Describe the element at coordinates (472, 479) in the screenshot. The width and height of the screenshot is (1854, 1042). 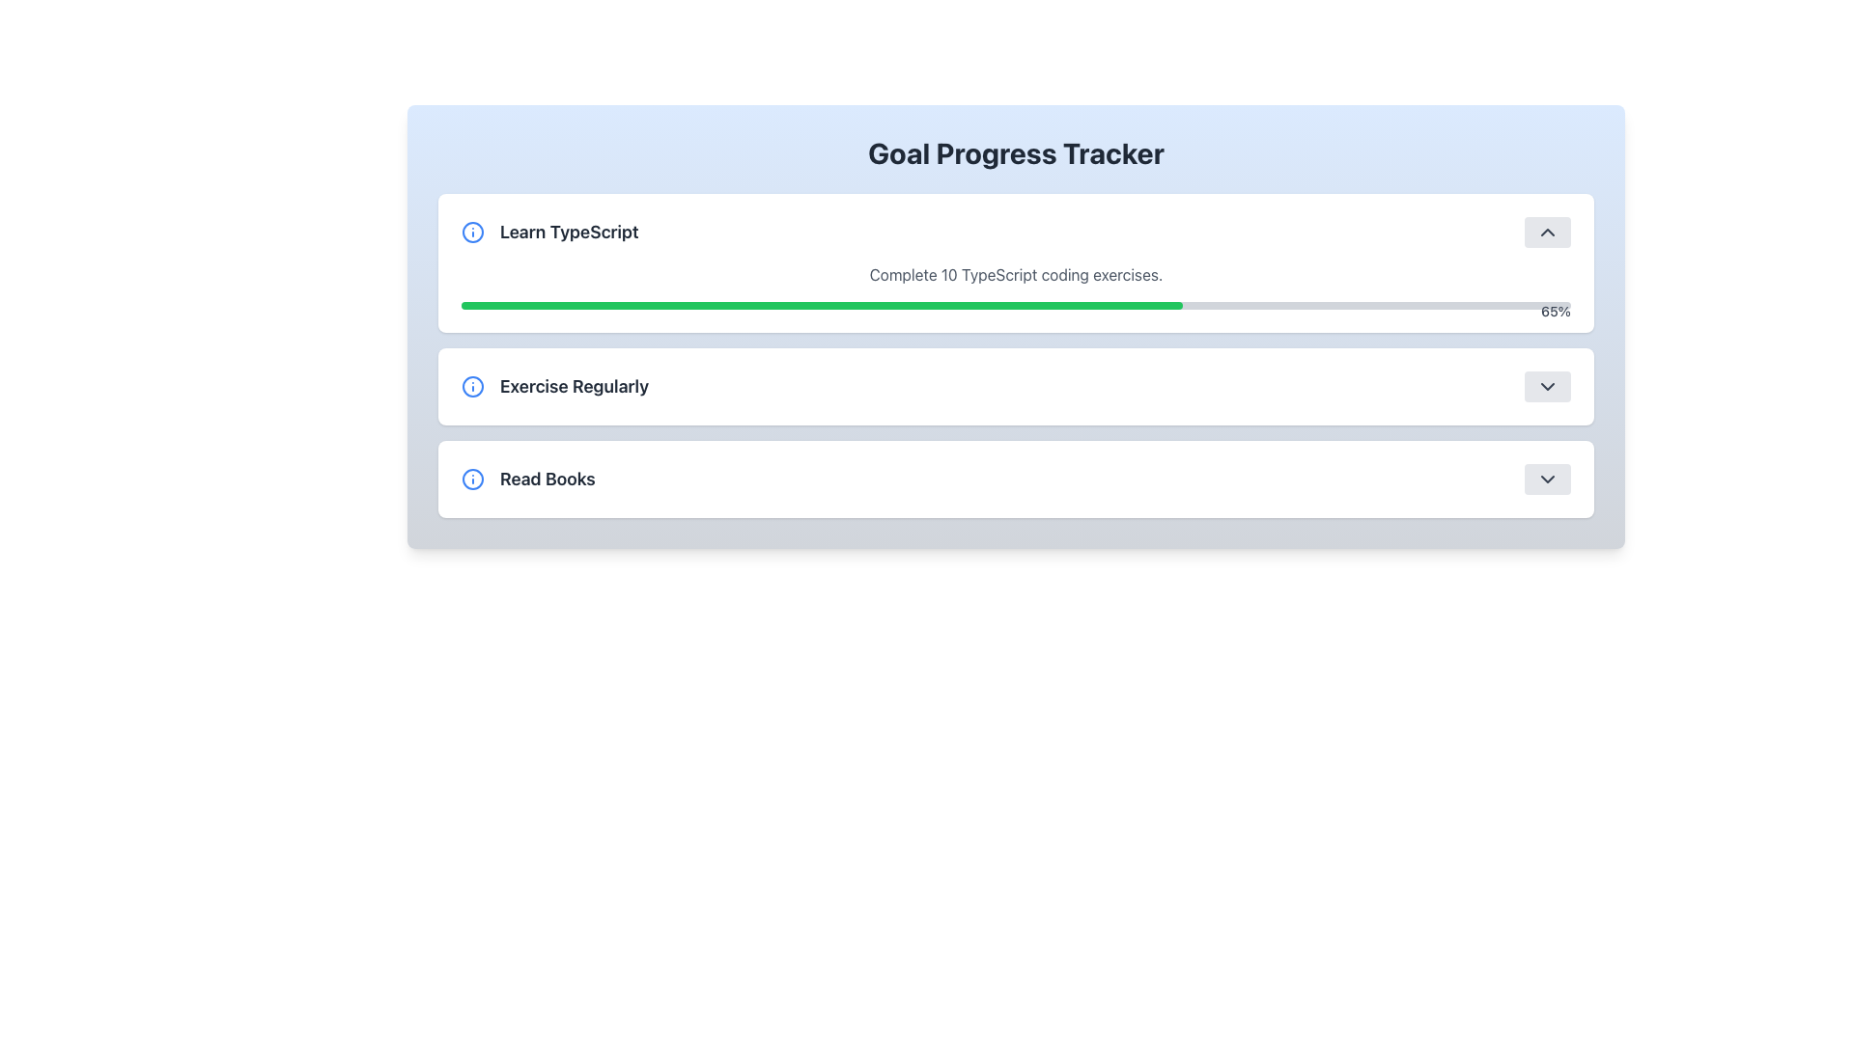
I see `the graphical UI component (circle within an SVG) that represents the 'Read Books' item in the list` at that location.